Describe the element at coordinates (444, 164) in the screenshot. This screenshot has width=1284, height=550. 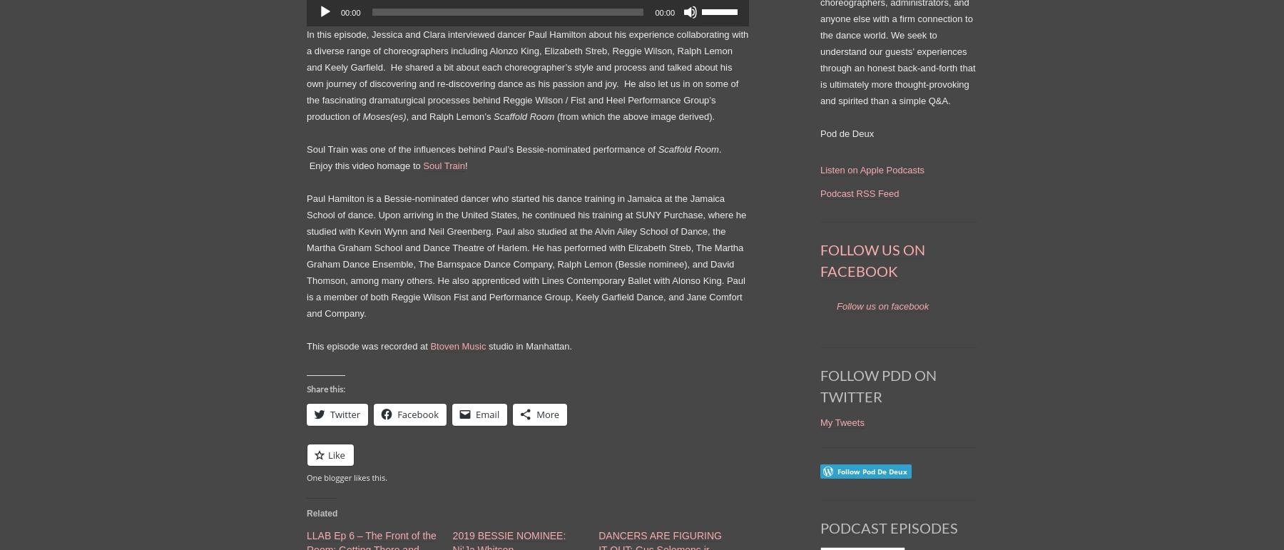
I see `'Soul Train'` at that location.